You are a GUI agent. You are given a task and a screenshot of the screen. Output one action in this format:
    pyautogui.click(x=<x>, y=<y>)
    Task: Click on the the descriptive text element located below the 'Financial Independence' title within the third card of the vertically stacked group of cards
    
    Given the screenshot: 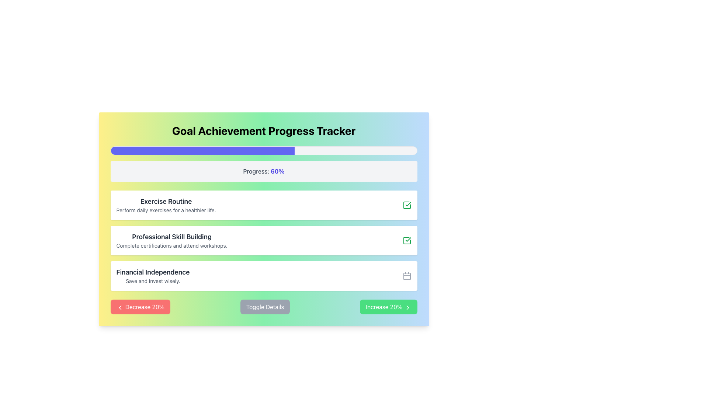 What is the action you would take?
    pyautogui.click(x=152, y=281)
    